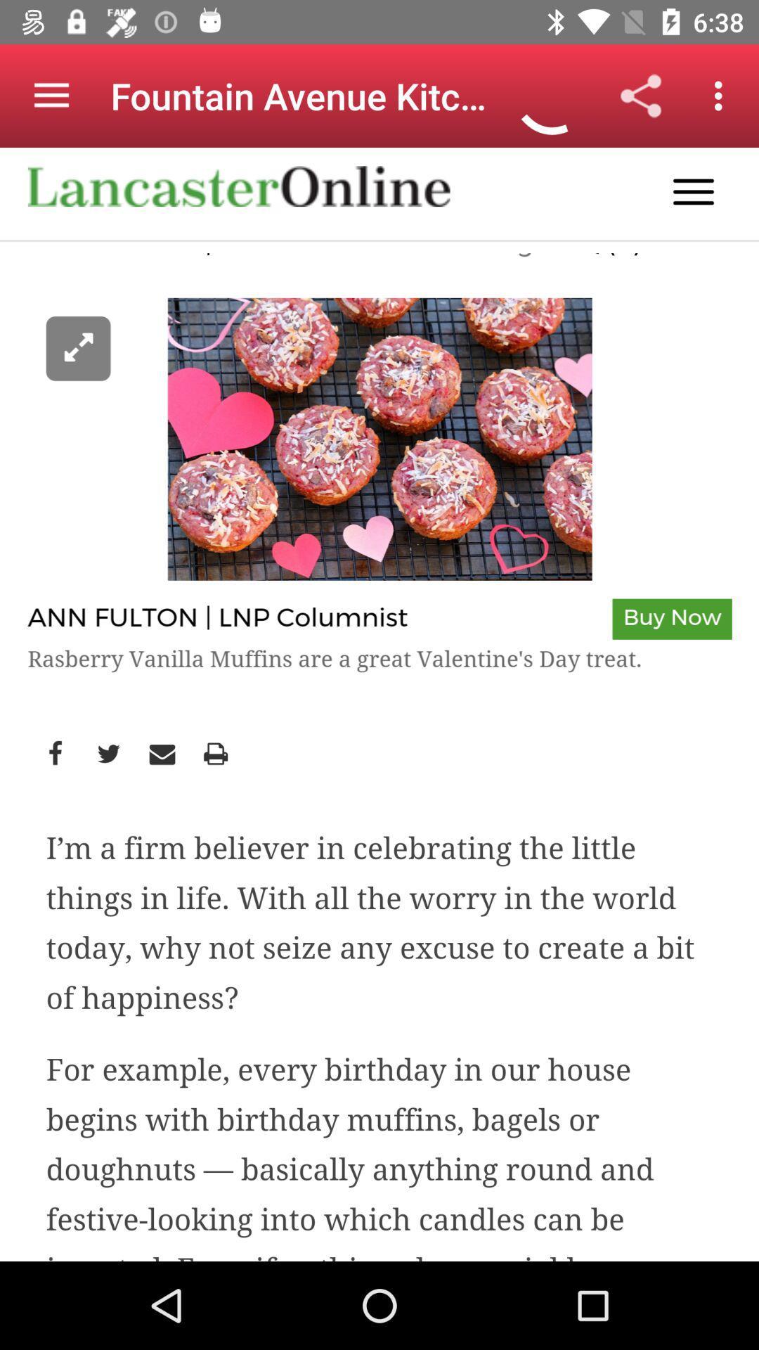 The image size is (759, 1350). What do you see at coordinates (379, 705) in the screenshot?
I see `this is result of searched data` at bounding box center [379, 705].